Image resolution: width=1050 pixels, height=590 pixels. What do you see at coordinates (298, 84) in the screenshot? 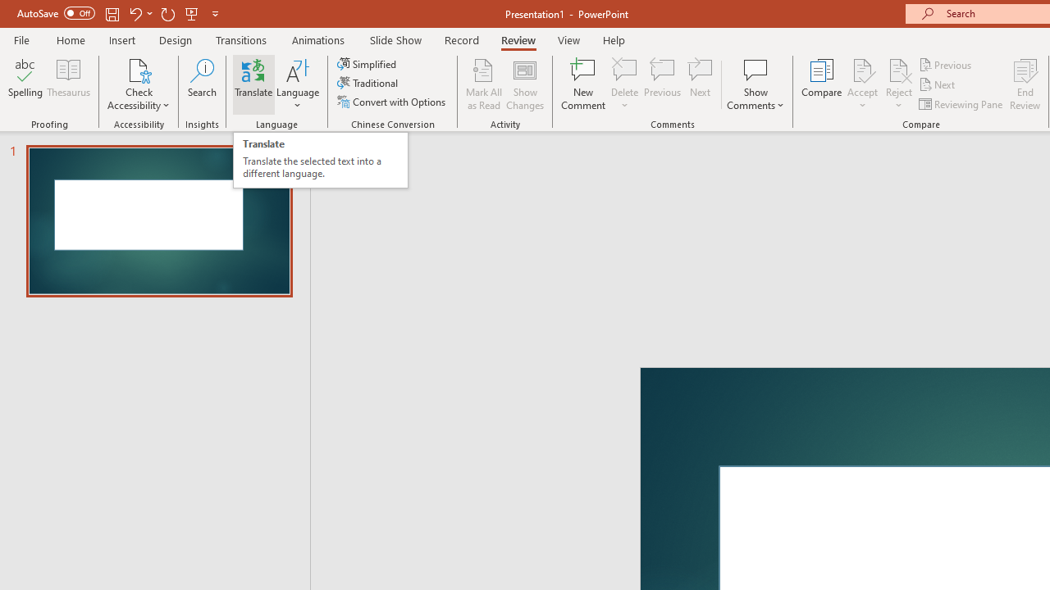
I see `'Language'` at bounding box center [298, 84].